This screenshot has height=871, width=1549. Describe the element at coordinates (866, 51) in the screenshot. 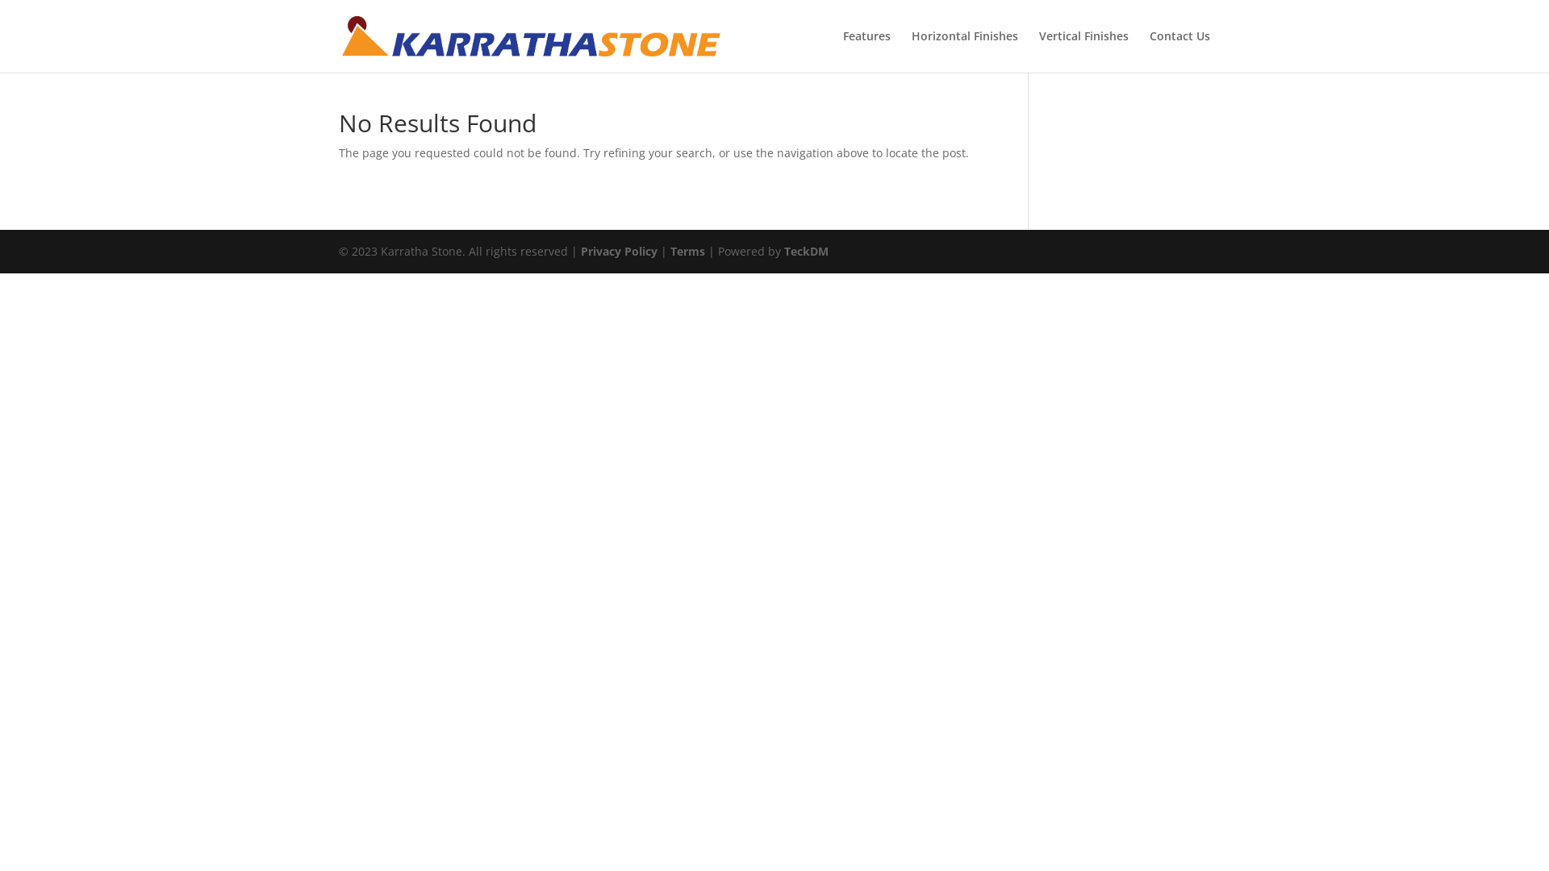

I see `'Features'` at that location.